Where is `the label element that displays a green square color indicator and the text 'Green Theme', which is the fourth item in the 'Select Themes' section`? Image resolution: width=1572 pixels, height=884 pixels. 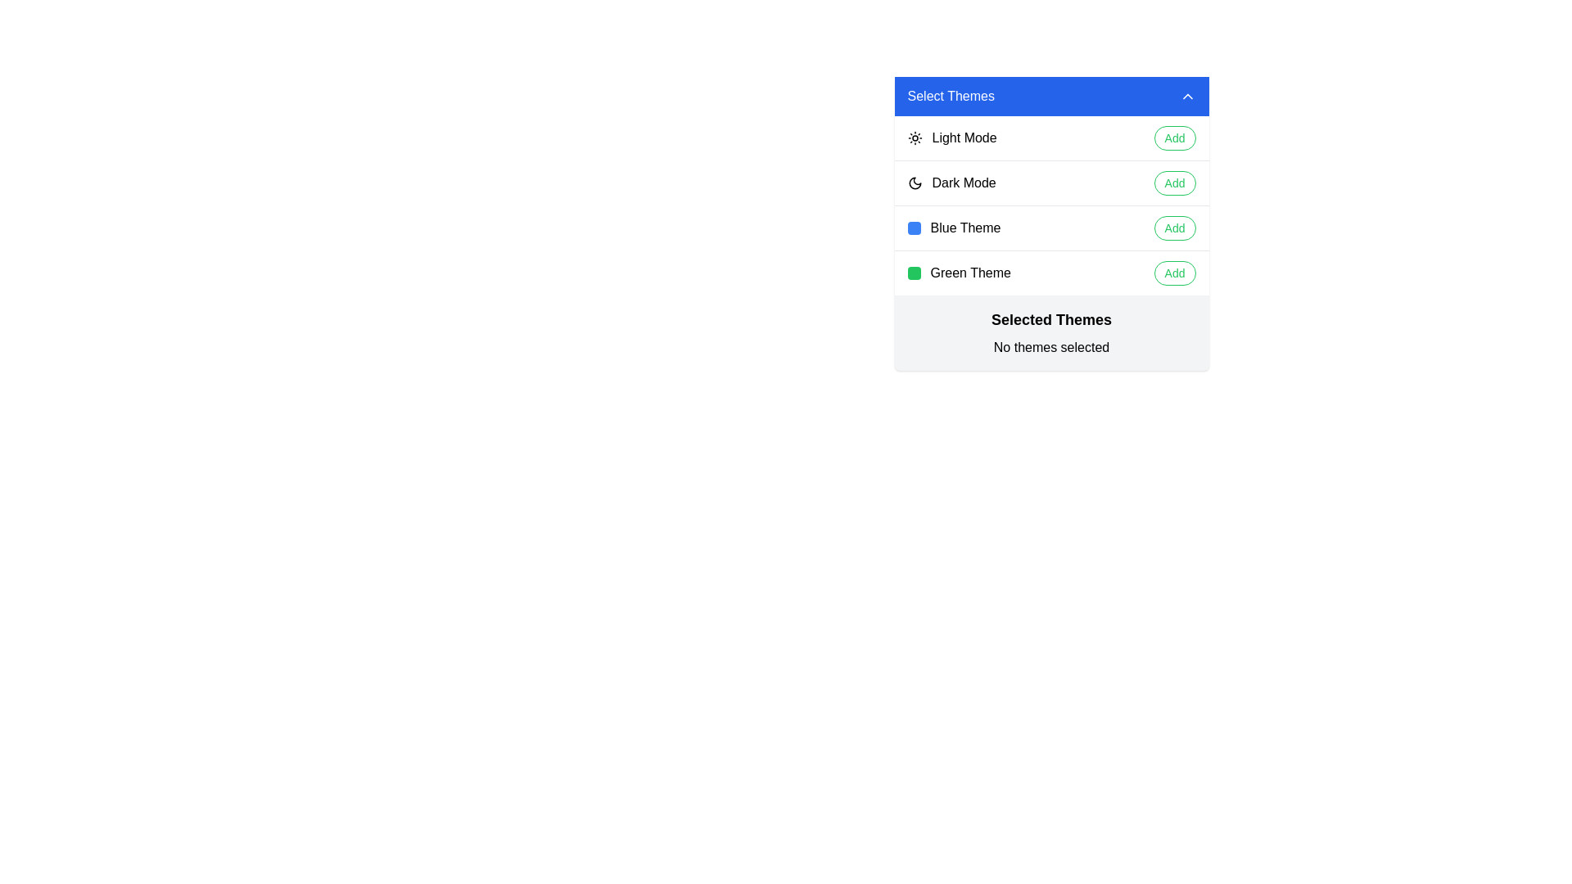 the label element that displays a green square color indicator and the text 'Green Theme', which is the fourth item in the 'Select Themes' section is located at coordinates (959, 273).